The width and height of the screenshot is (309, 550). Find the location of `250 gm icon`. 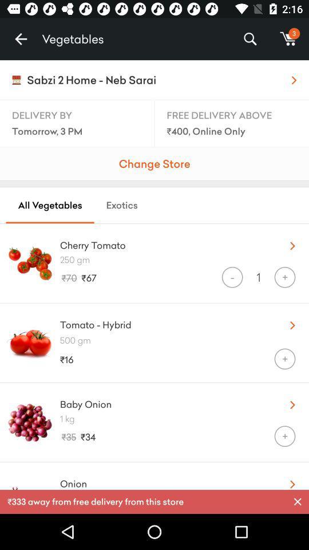

250 gm icon is located at coordinates (184, 260).